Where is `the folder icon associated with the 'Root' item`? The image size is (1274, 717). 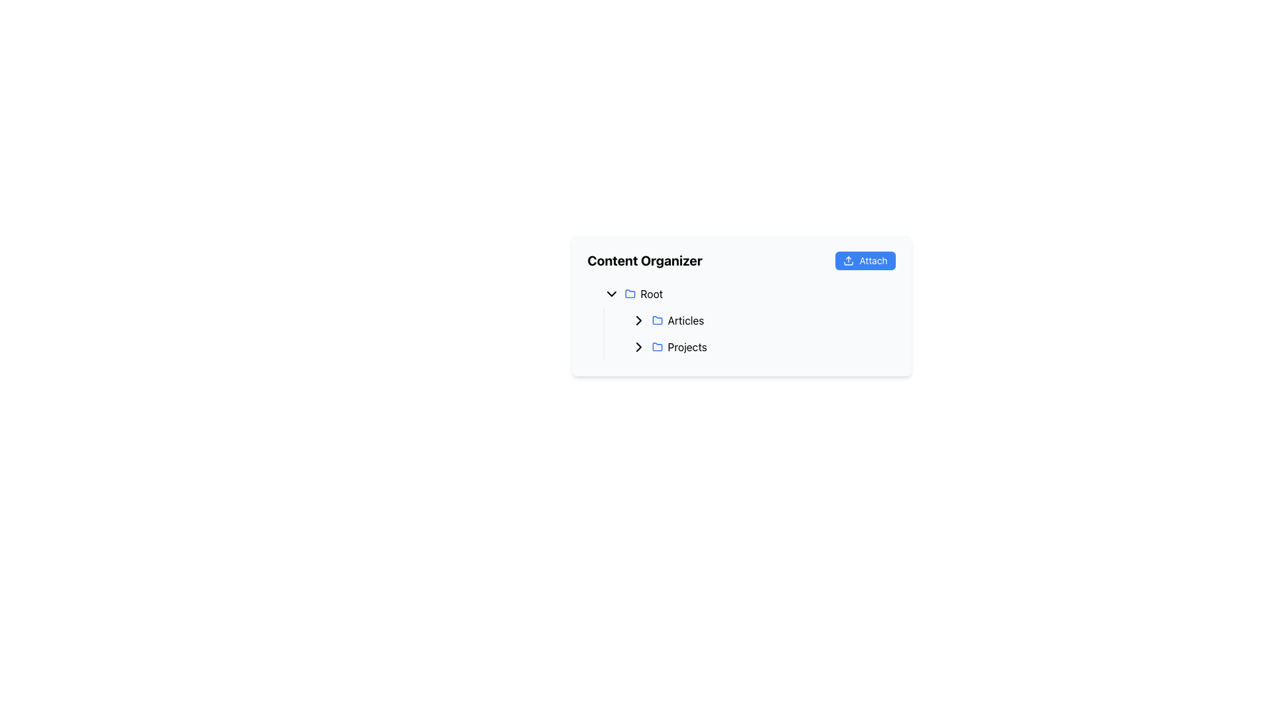
the folder icon associated with the 'Root' item is located at coordinates (629, 293).